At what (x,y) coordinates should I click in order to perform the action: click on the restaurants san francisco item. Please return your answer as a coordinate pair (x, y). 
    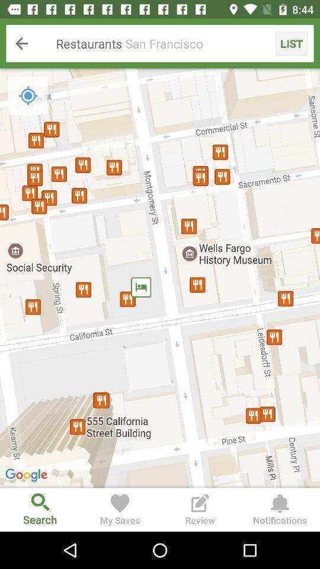
    Looking at the image, I should click on (160, 43).